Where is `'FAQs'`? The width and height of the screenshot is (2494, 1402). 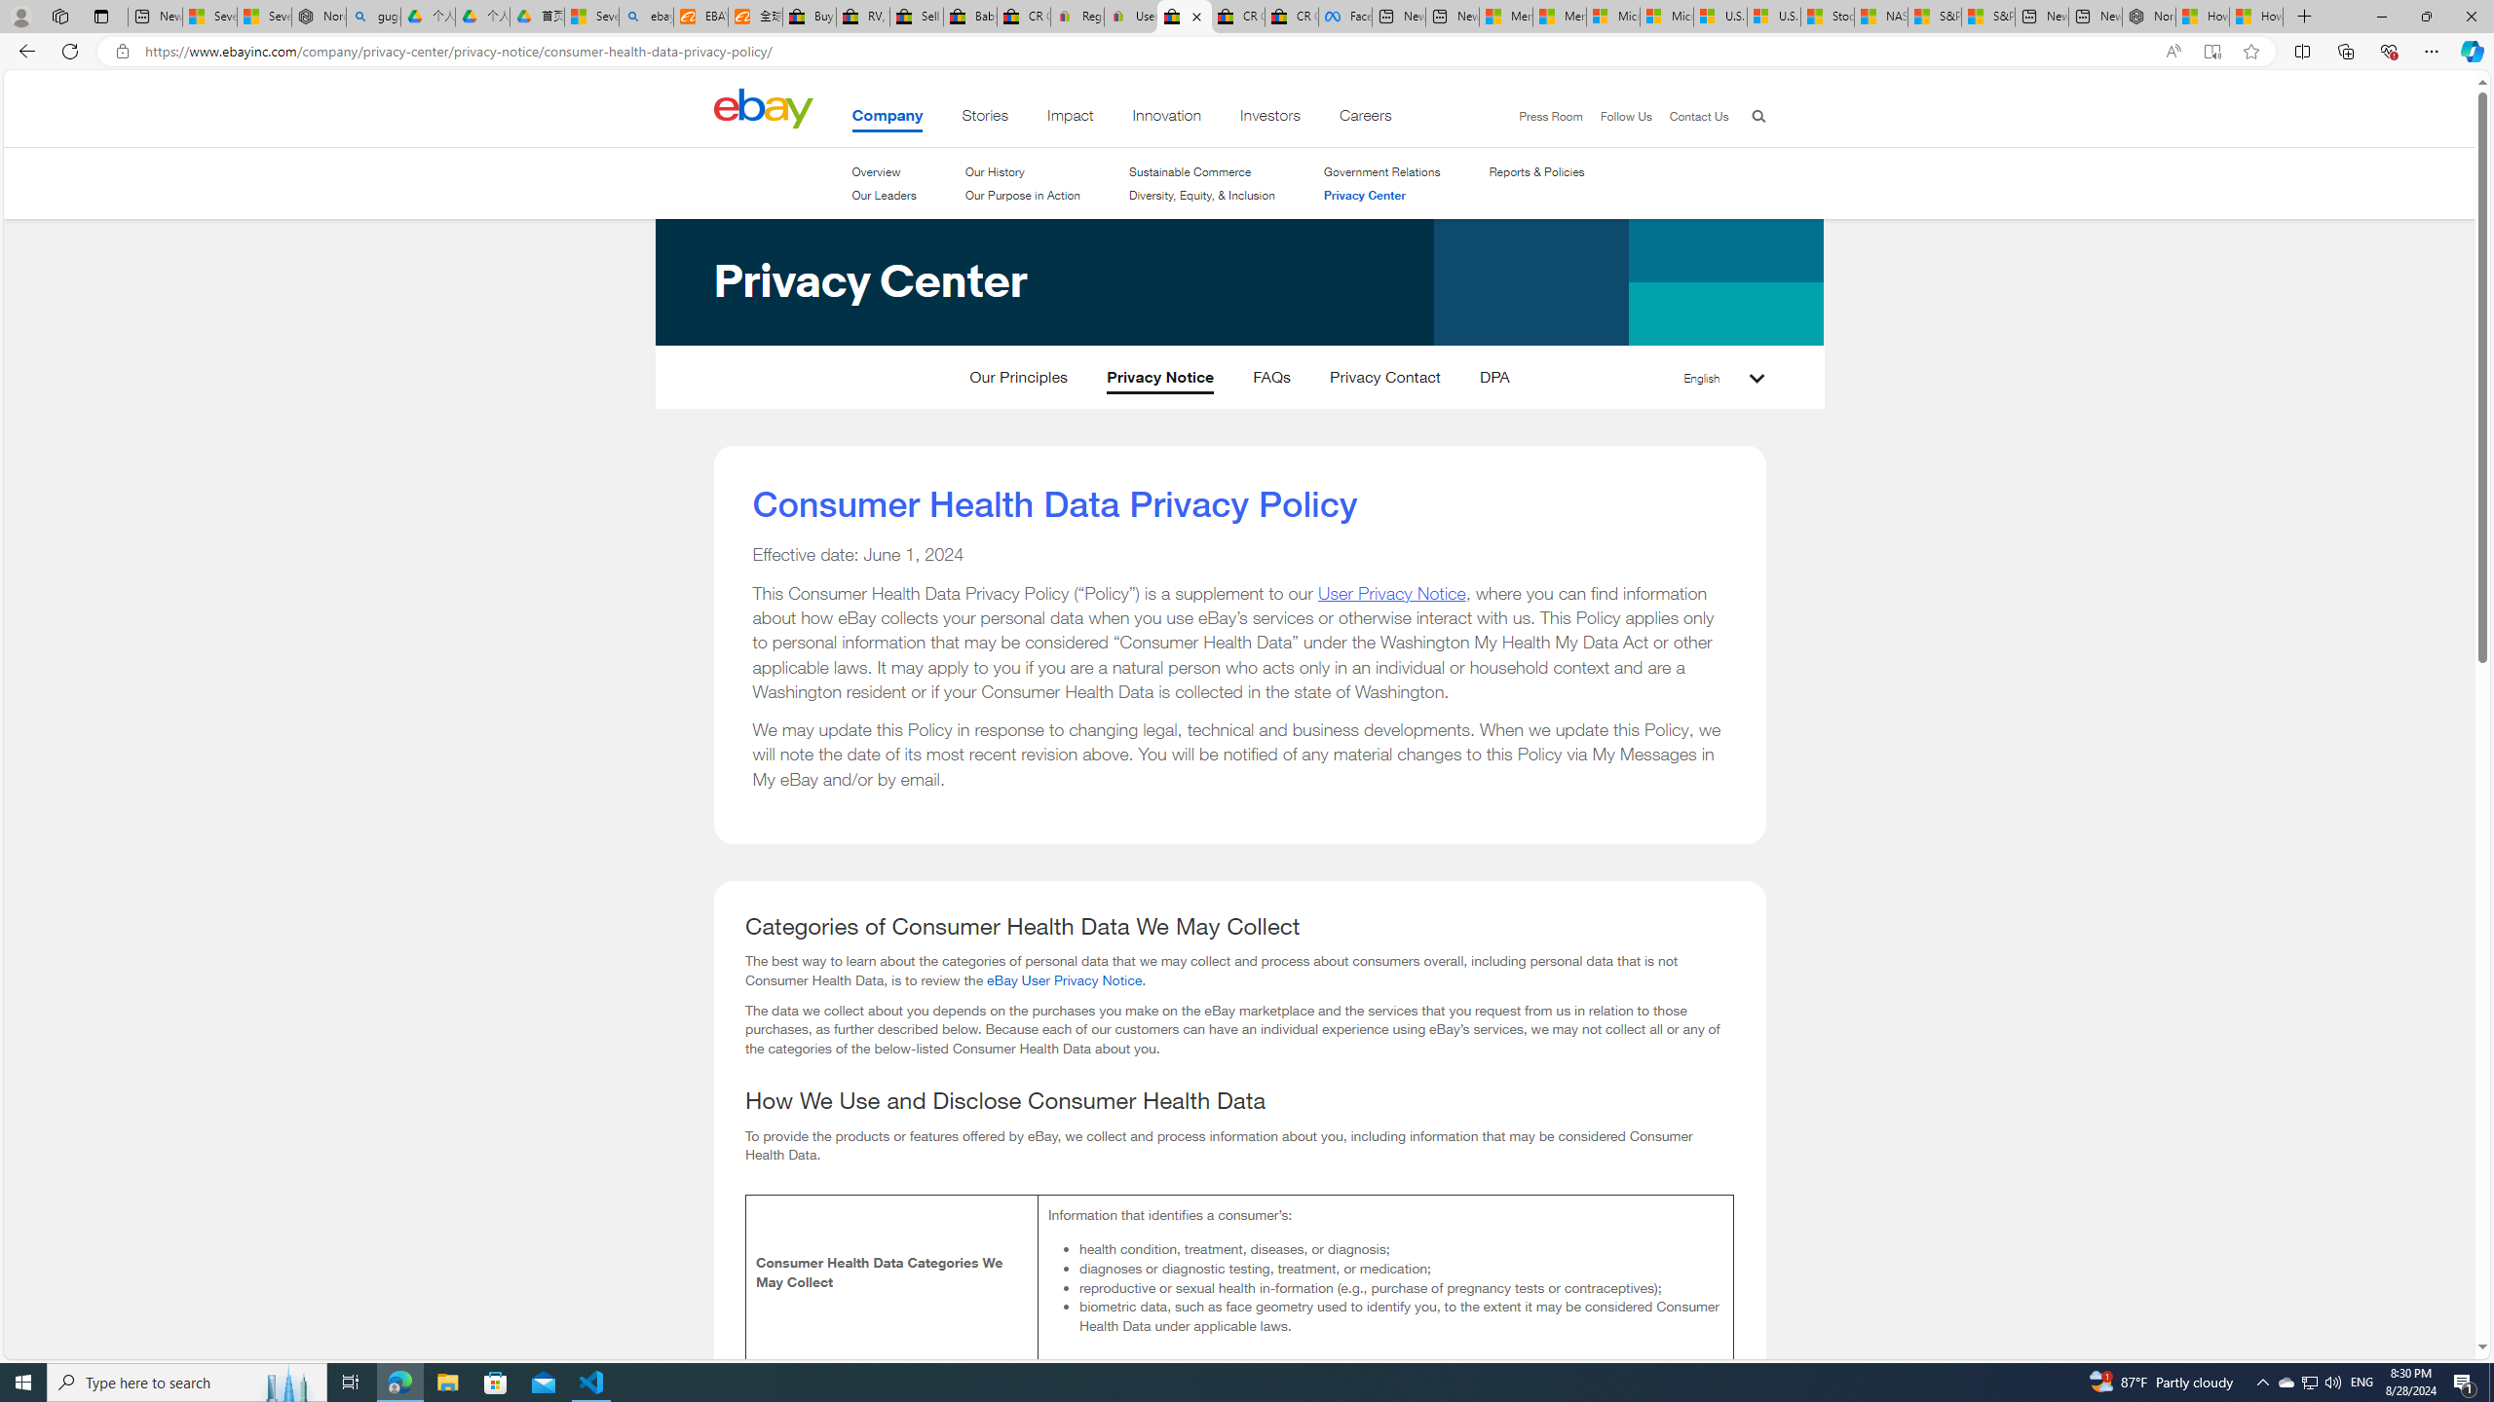
'FAQs' is located at coordinates (1270, 380).